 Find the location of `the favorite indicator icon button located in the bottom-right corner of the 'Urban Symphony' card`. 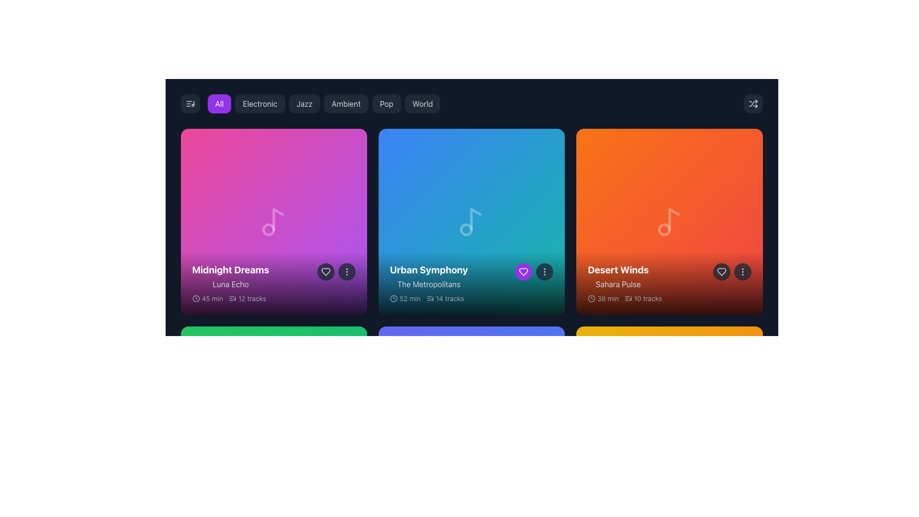

the favorite indicator icon button located in the bottom-right corner of the 'Urban Symphony' card is located at coordinates (523, 272).